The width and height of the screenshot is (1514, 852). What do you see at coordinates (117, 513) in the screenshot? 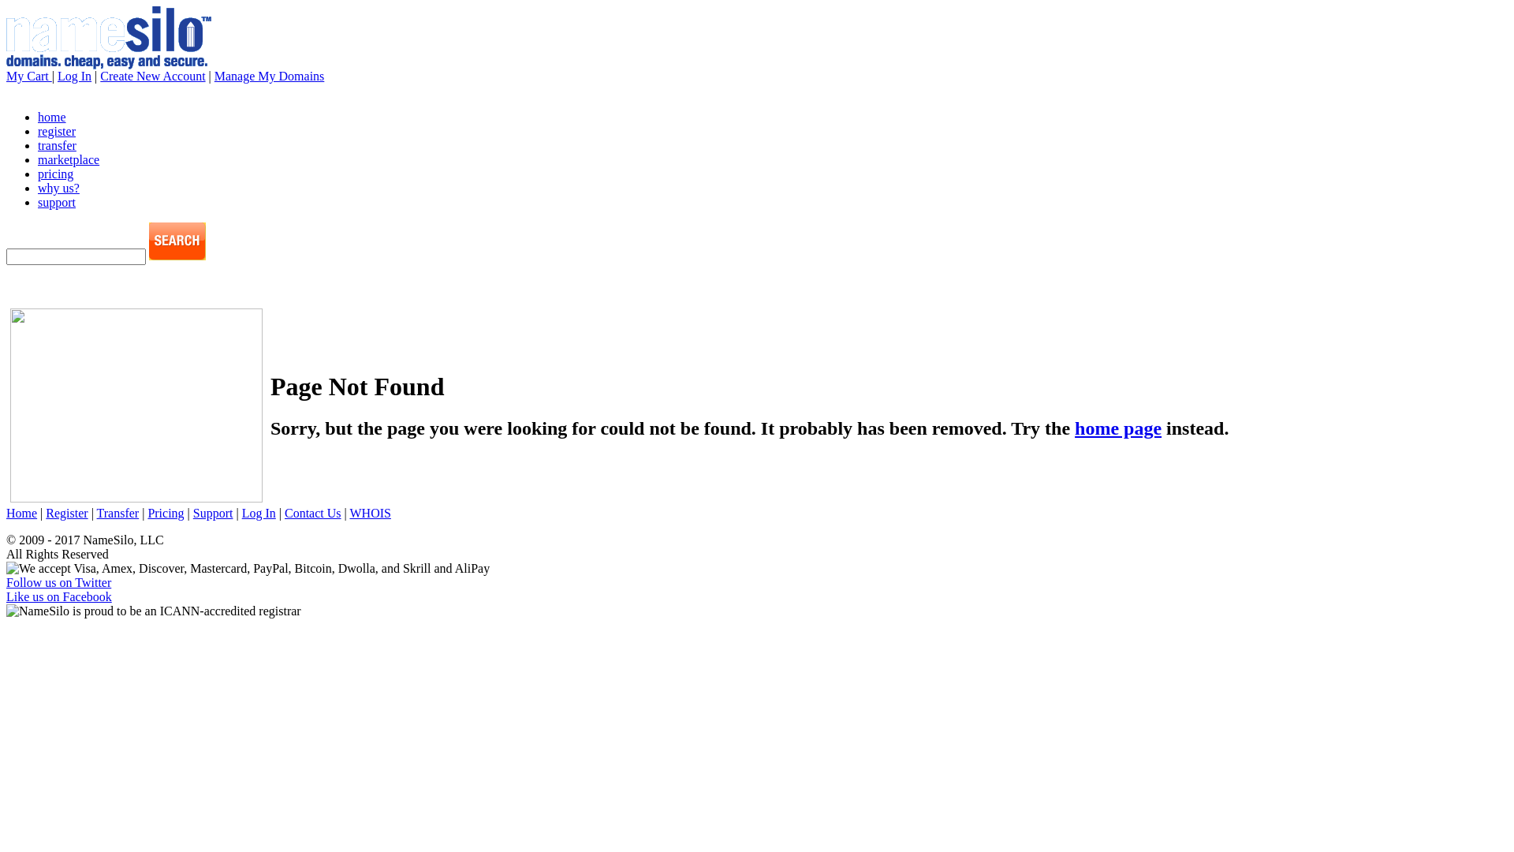
I see `'Transfer'` at bounding box center [117, 513].